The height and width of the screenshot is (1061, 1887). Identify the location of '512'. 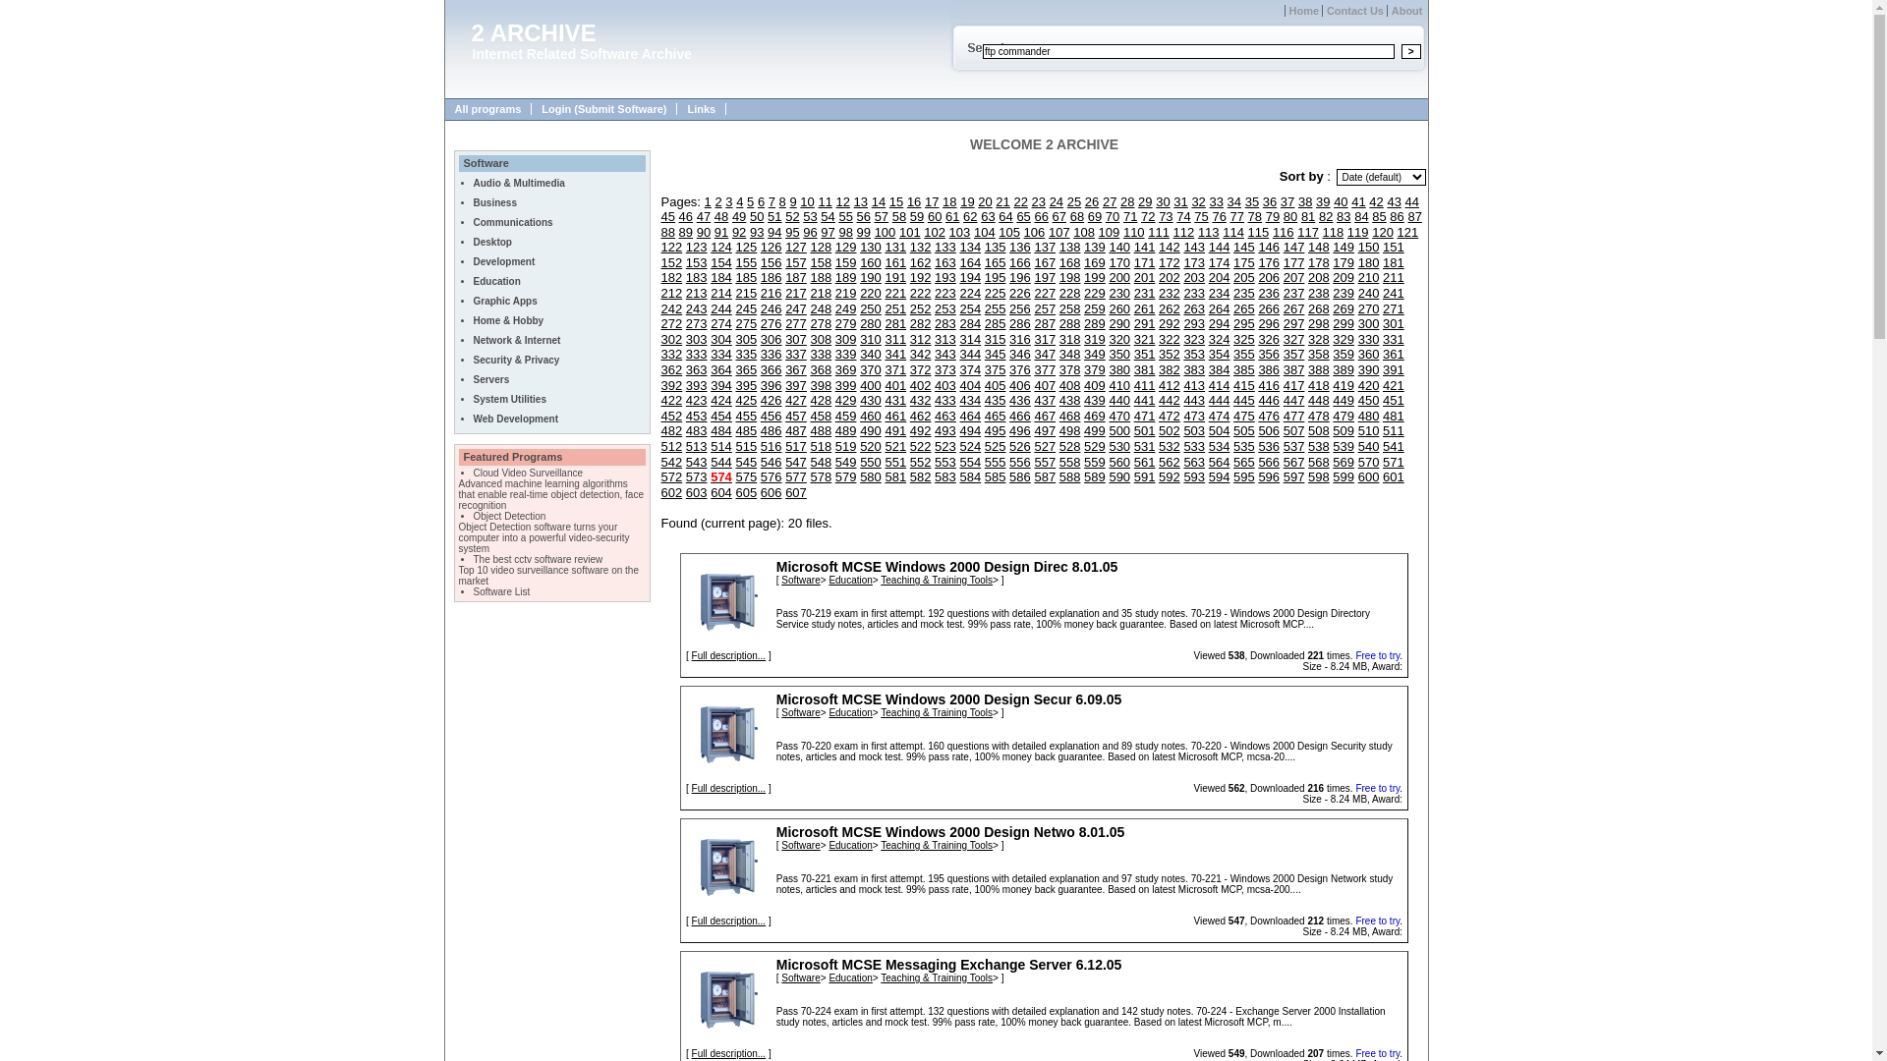
(660, 446).